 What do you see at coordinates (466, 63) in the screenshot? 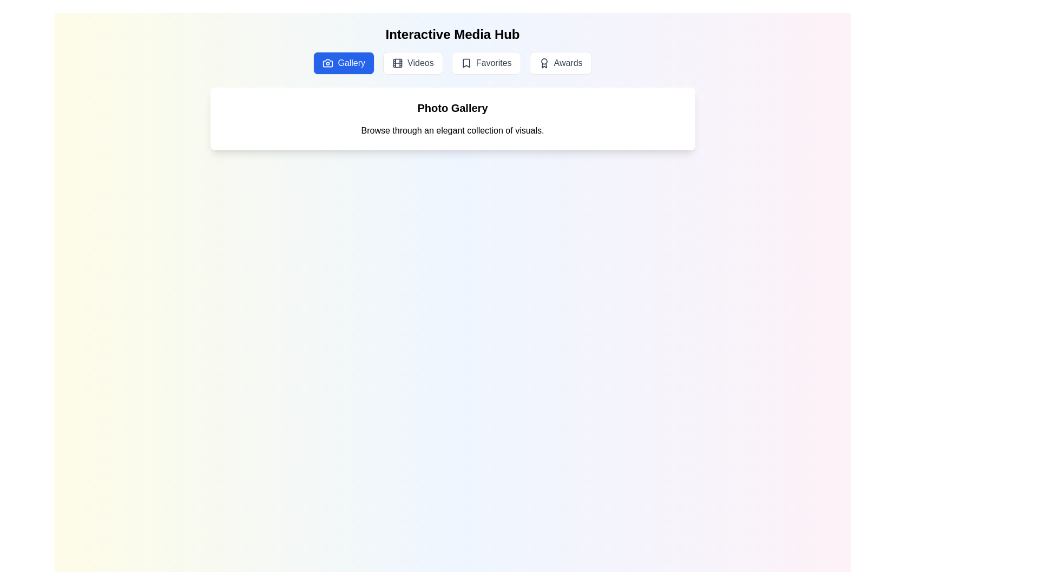
I see `the decorative 'Favorites' icon within the SVG structure located in the top central part of the navigation toolbar` at bounding box center [466, 63].